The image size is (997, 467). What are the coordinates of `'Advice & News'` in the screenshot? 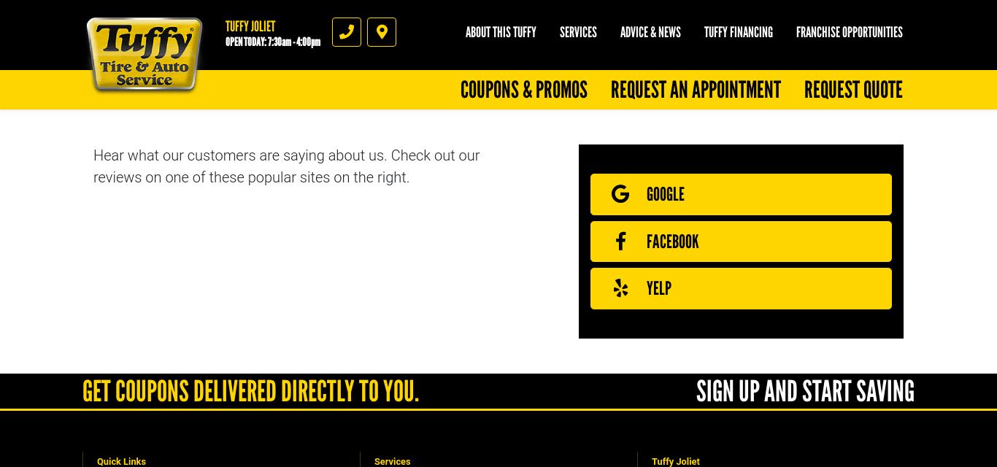 It's located at (650, 32).